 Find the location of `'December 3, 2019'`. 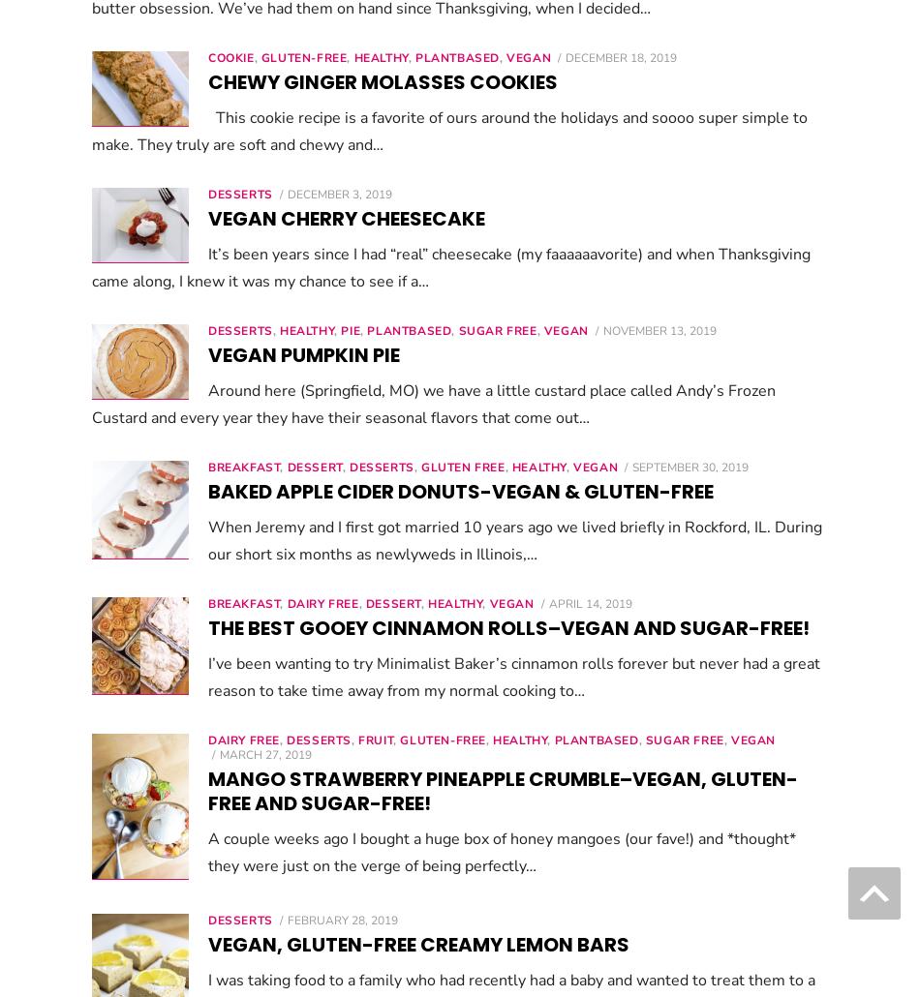

'December 3, 2019' is located at coordinates (286, 194).